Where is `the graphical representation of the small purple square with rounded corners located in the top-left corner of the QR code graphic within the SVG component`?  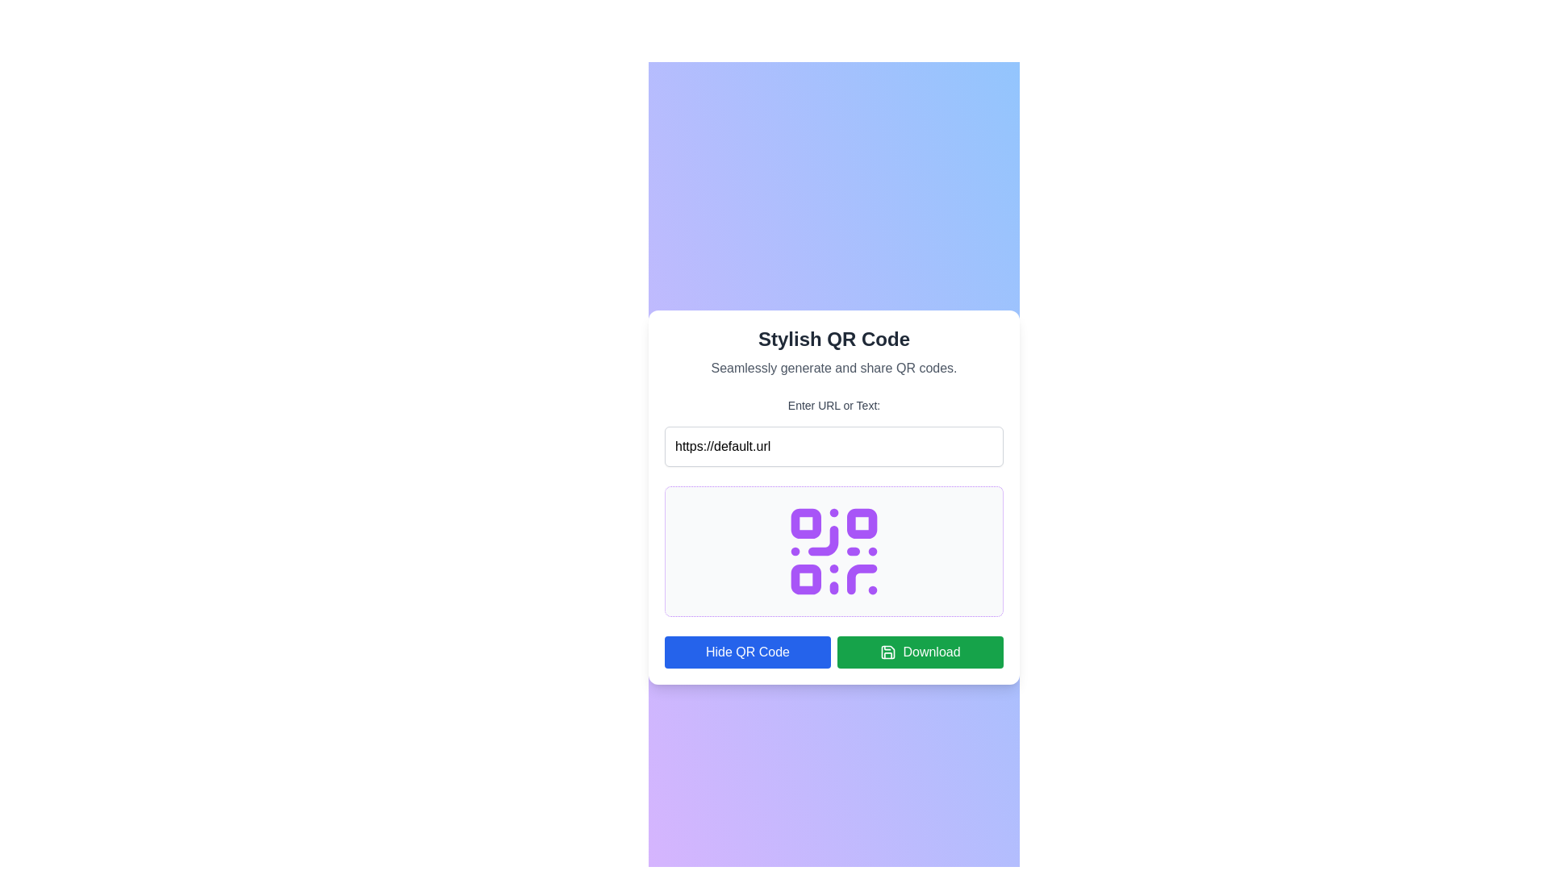 the graphical representation of the small purple square with rounded corners located in the top-left corner of the QR code graphic within the SVG component is located at coordinates (806, 523).